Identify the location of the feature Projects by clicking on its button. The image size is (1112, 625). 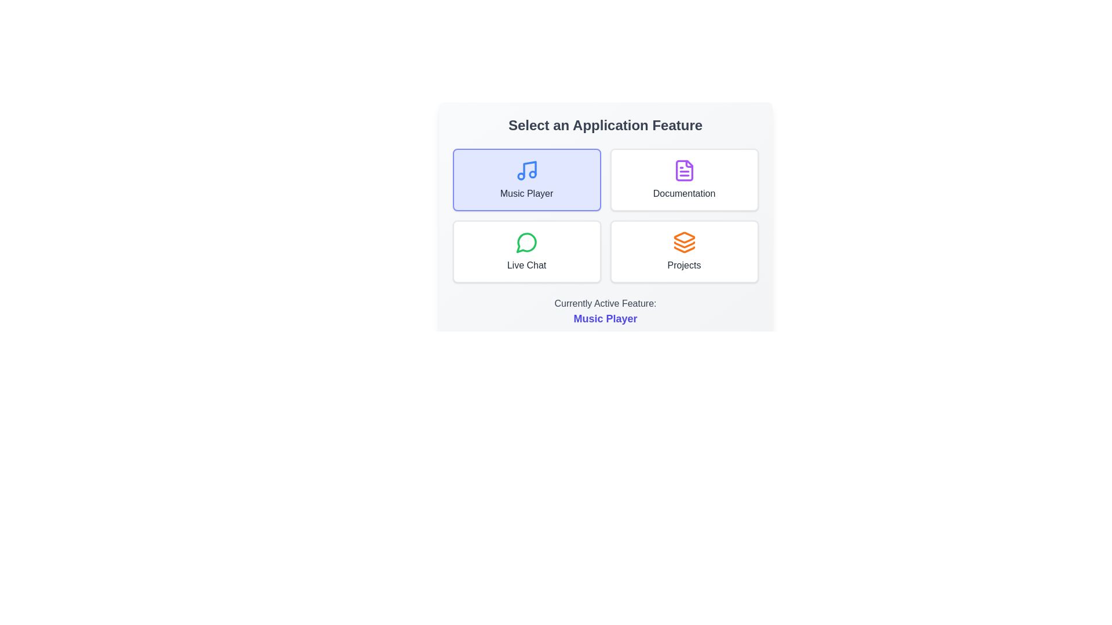
(684, 251).